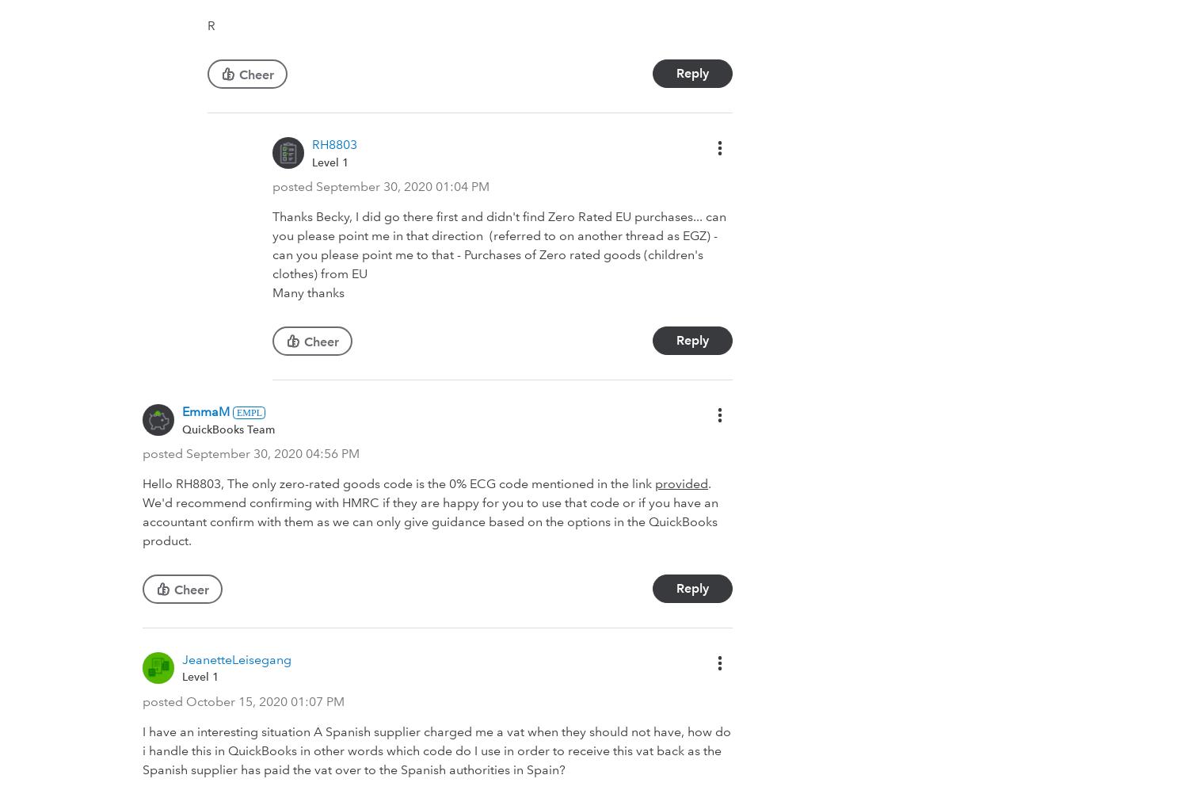  Describe the element at coordinates (332, 453) in the screenshot. I see `'04:56 PM'` at that location.